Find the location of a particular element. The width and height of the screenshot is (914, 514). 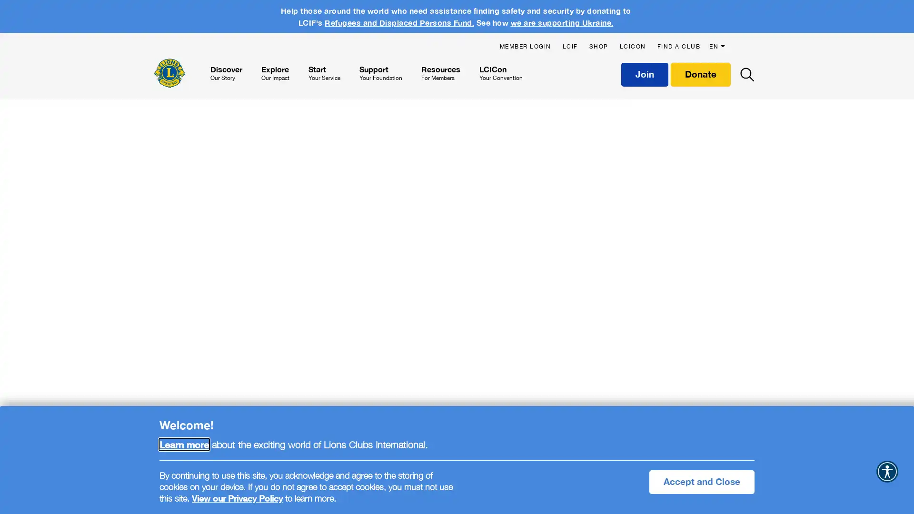

Previous is located at coordinates (14, 330).